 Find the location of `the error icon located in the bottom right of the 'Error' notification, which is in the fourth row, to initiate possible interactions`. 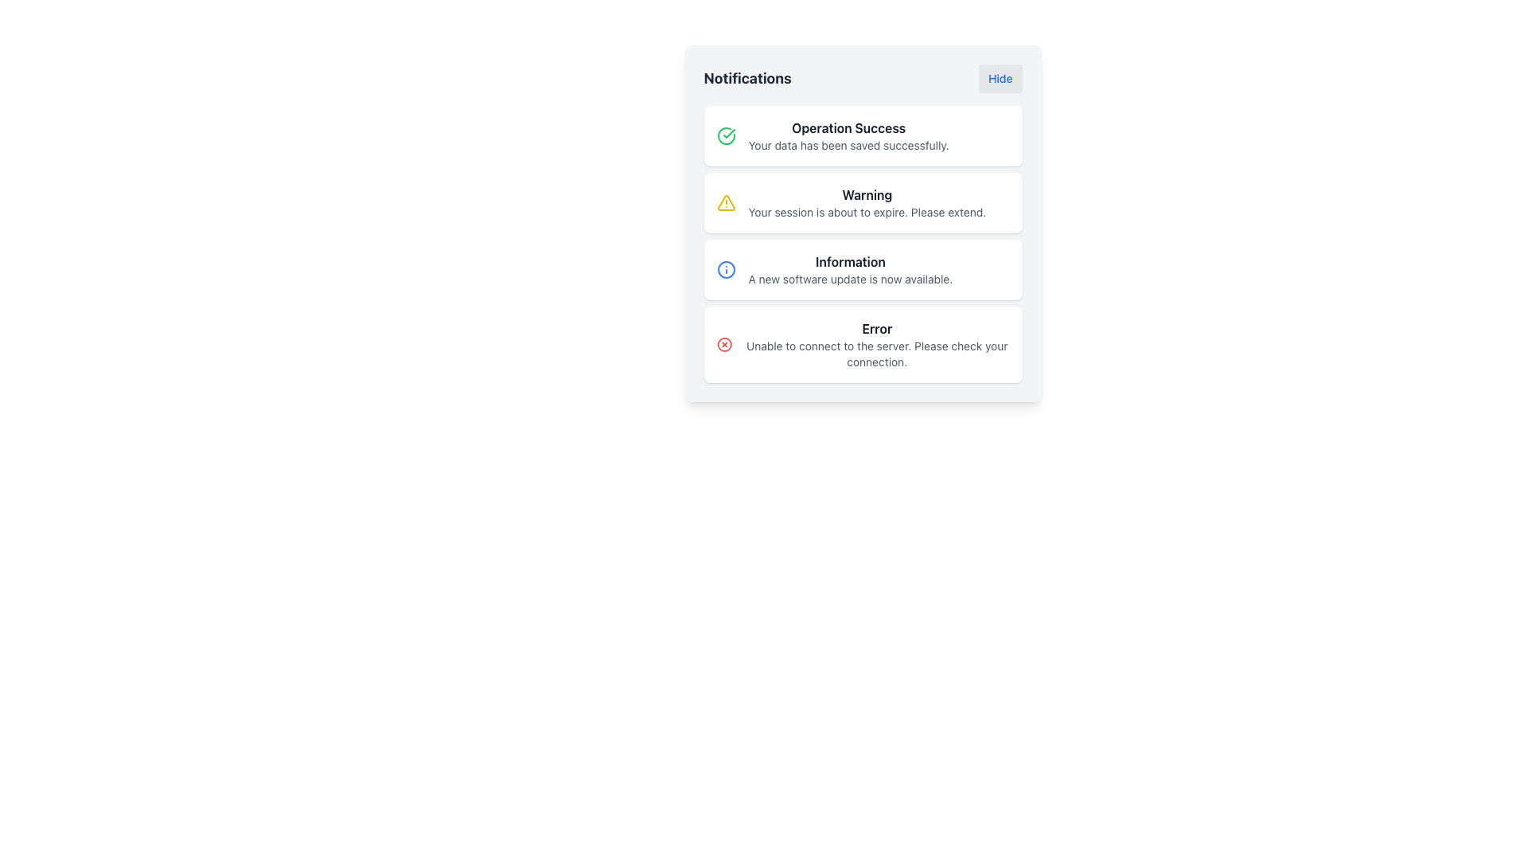

the error icon located in the bottom right of the 'Error' notification, which is in the fourth row, to initiate possible interactions is located at coordinates (723, 343).